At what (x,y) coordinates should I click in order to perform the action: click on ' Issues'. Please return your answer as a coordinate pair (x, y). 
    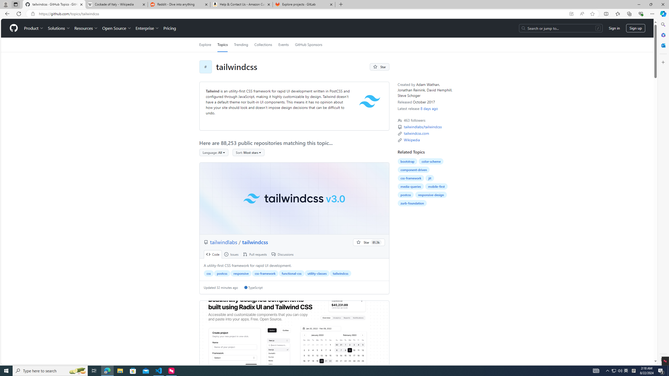
    Looking at the image, I should click on (231, 254).